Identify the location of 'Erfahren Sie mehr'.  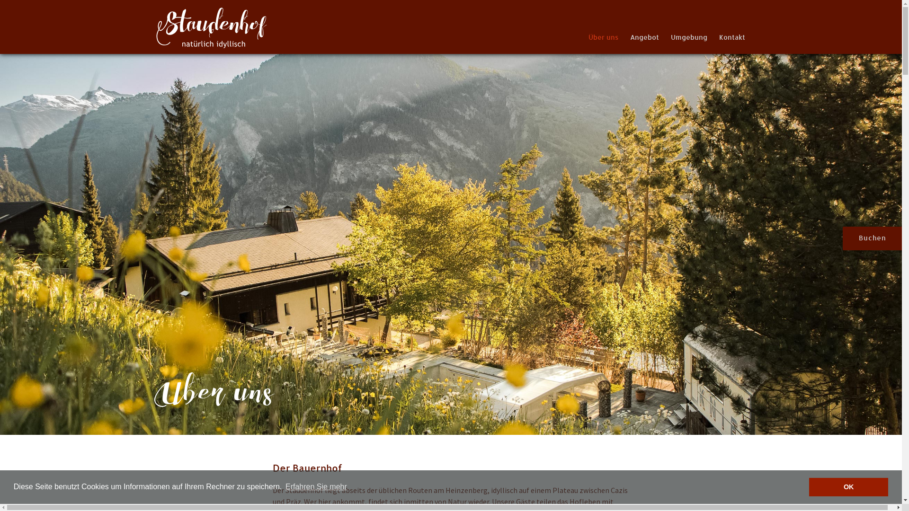
(316, 487).